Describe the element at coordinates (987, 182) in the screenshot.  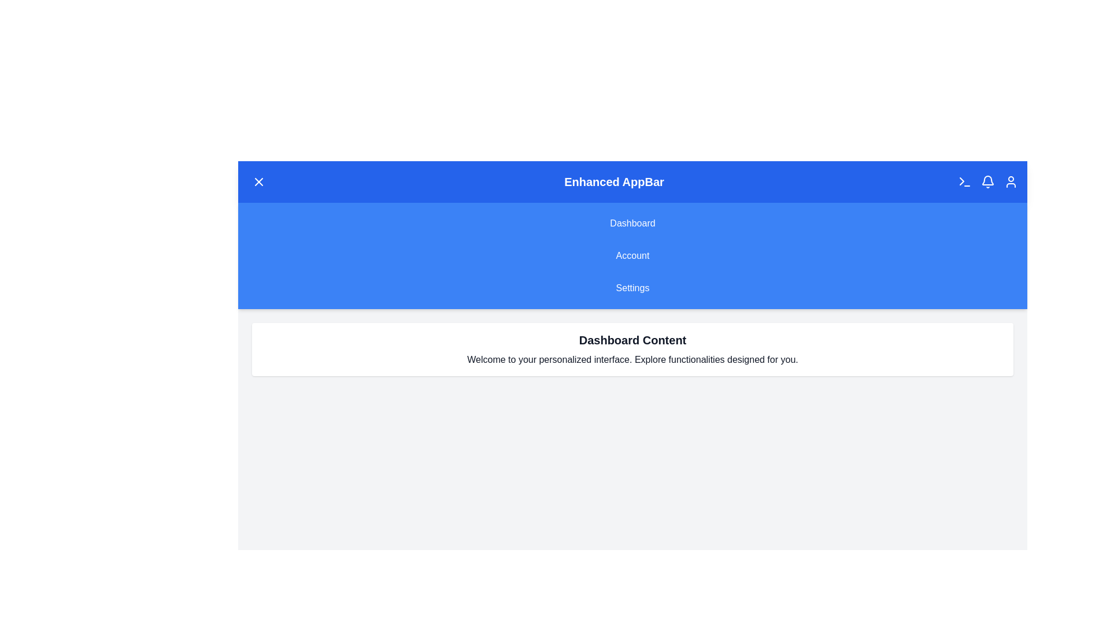
I see `the 'Bell' icon to view notifications` at that location.